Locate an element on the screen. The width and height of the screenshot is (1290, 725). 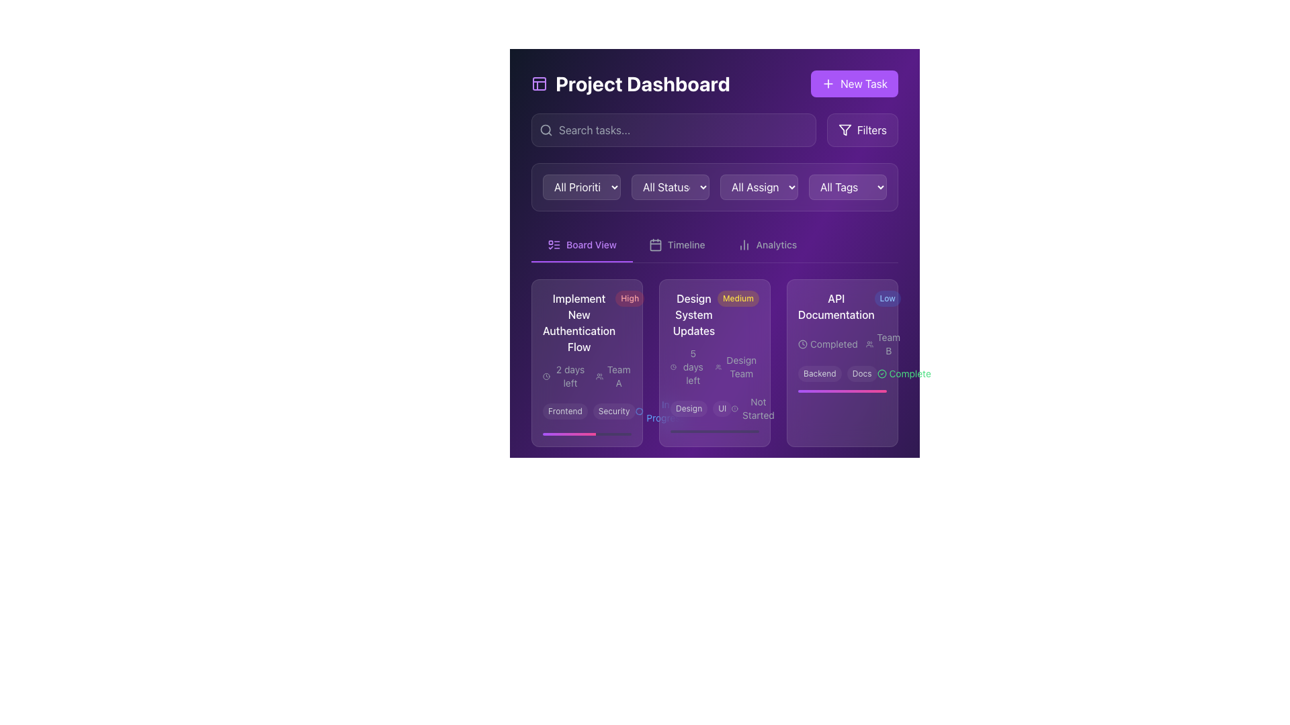
the circular loading indicator icon located next to the text 'In Progress' within the task card is located at coordinates (638, 411).